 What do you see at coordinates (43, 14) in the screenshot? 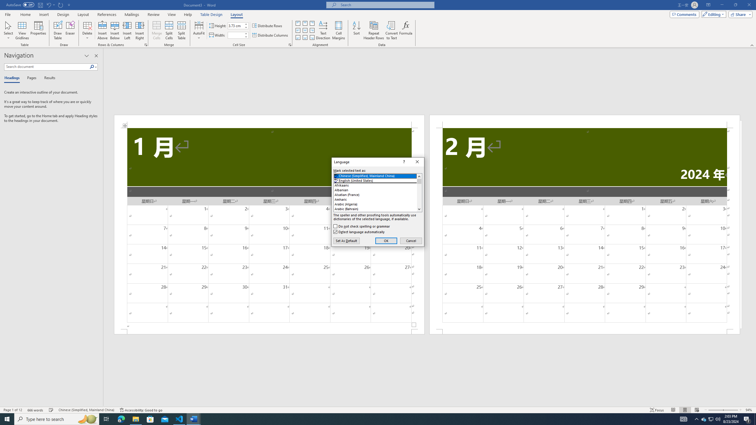
I see `'Insert'` at bounding box center [43, 14].